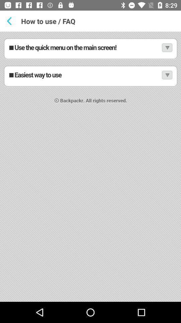 This screenshot has width=181, height=323. What do you see at coordinates (90, 166) in the screenshot?
I see `how to use and faq page` at bounding box center [90, 166].